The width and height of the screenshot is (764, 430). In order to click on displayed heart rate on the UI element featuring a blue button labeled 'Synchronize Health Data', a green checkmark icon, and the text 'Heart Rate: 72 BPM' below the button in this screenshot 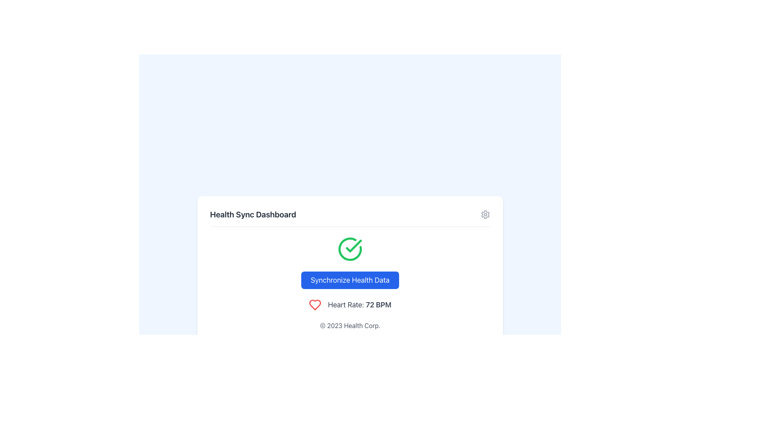, I will do `click(350, 273)`.